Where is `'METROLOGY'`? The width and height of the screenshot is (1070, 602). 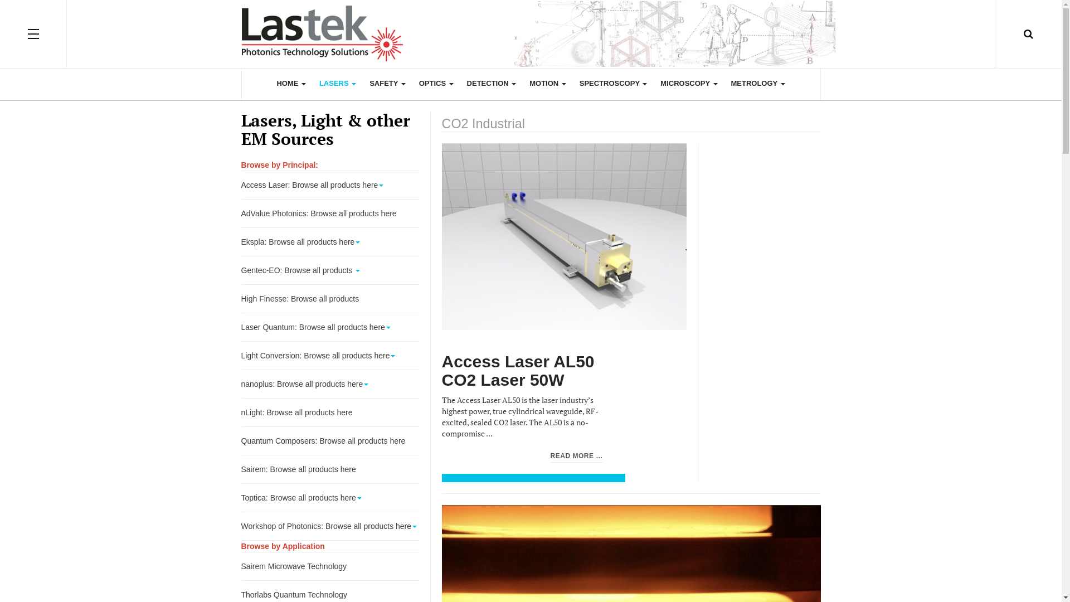
'METROLOGY' is located at coordinates (757, 83).